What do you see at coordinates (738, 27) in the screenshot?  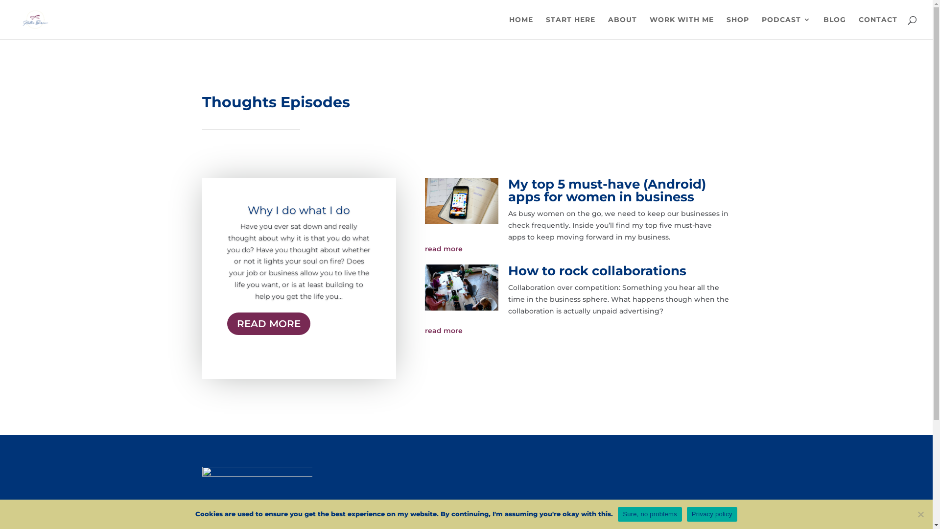 I see `'SHOP'` at bounding box center [738, 27].